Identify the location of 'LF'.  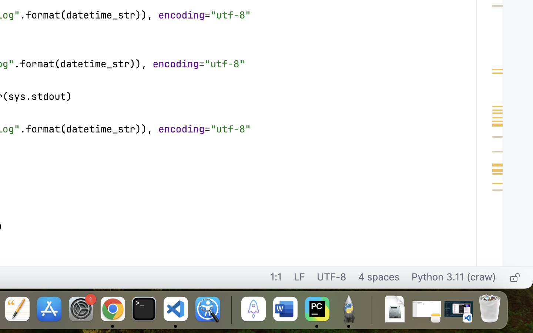
(299, 277).